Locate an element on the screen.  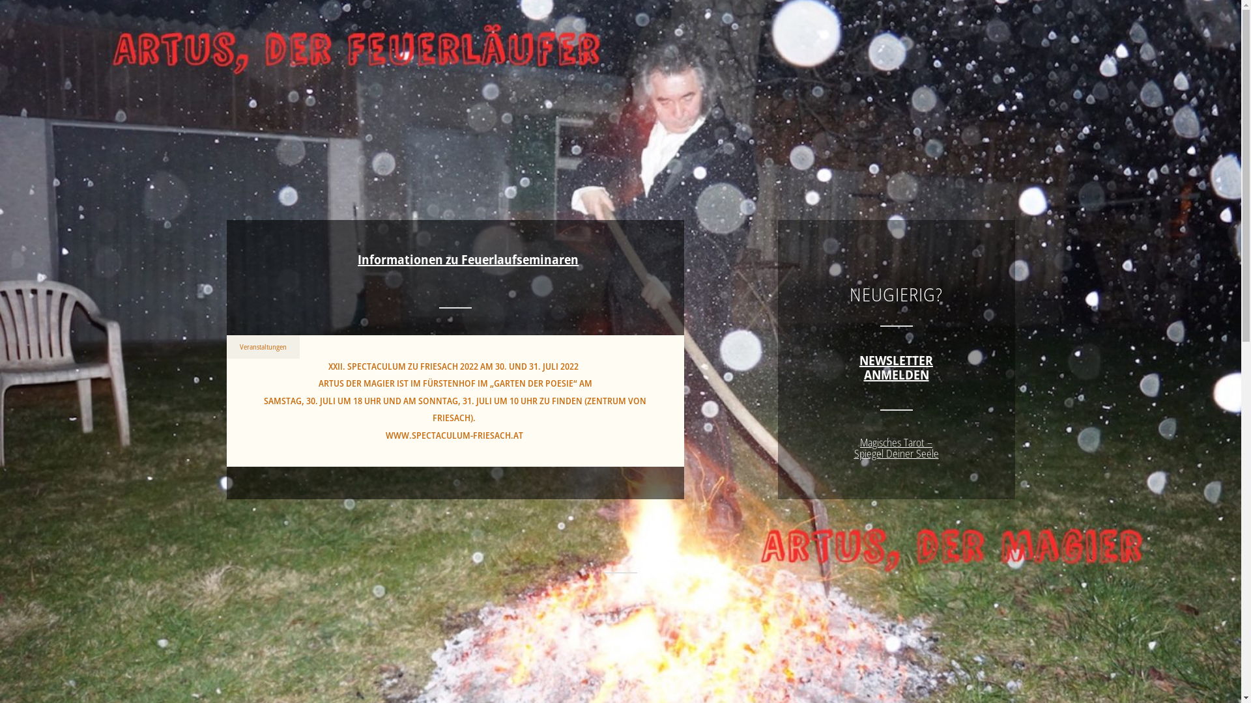
'NEWSLETTER is located at coordinates (895, 367).